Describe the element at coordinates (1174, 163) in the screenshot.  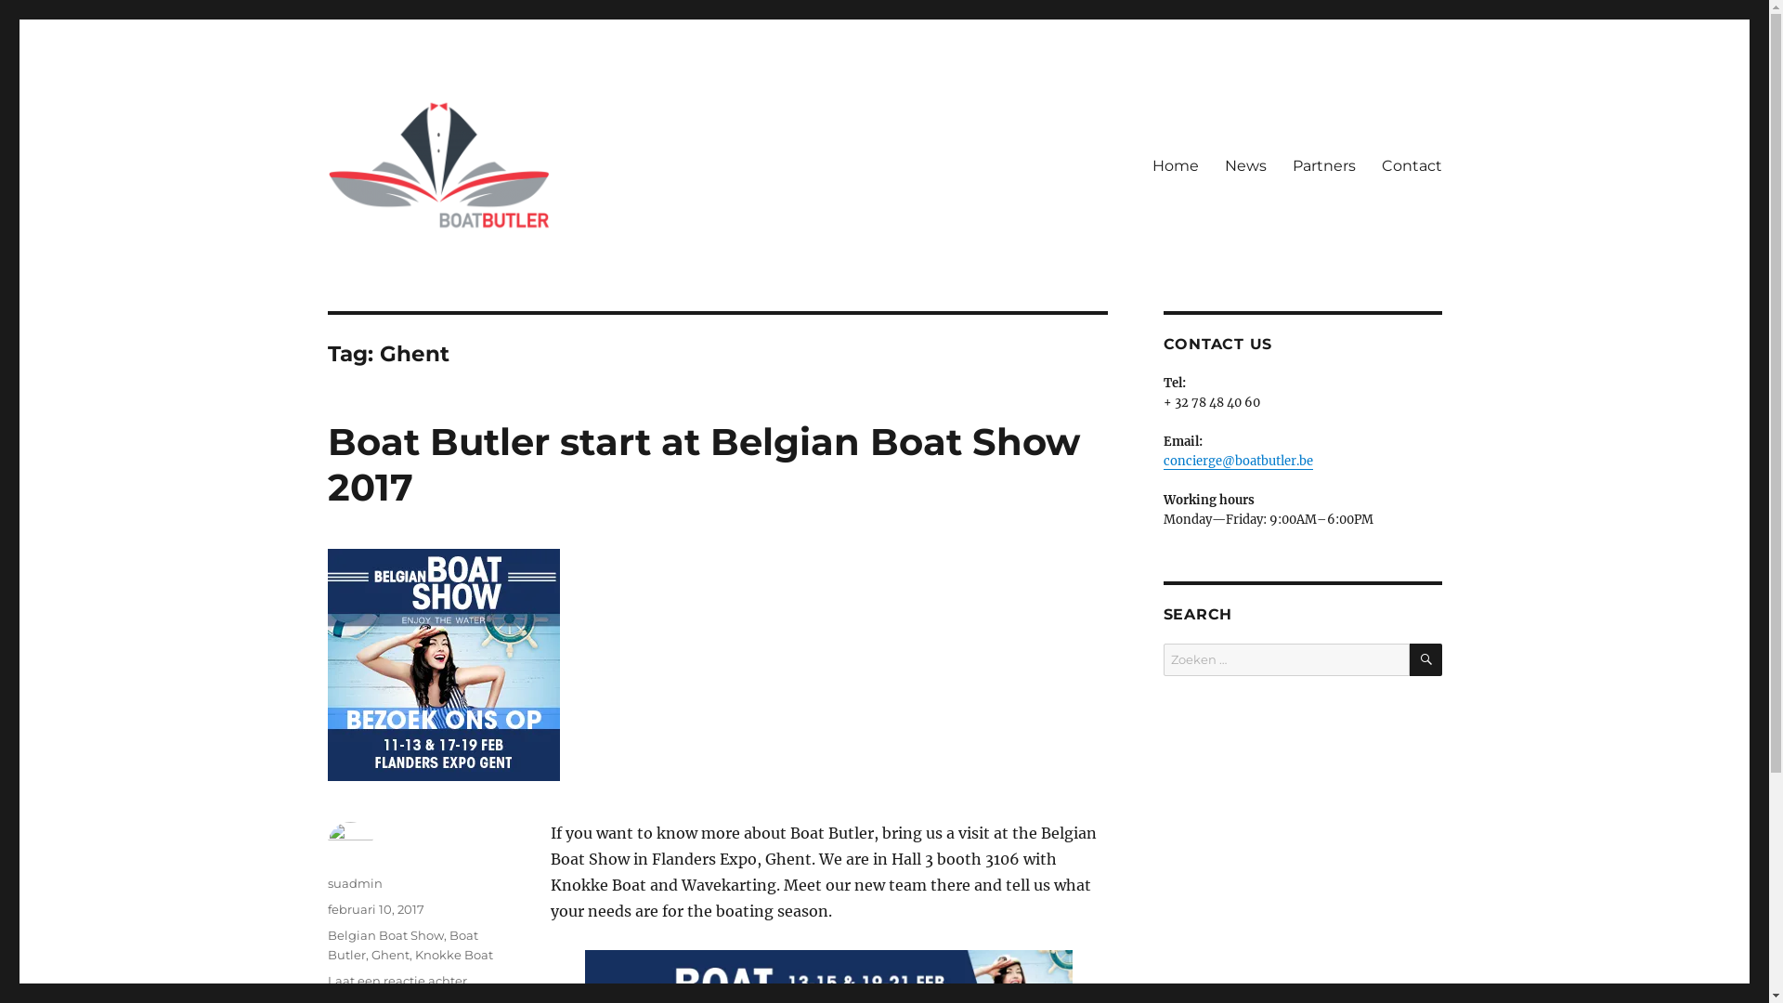
I see `'Home'` at that location.